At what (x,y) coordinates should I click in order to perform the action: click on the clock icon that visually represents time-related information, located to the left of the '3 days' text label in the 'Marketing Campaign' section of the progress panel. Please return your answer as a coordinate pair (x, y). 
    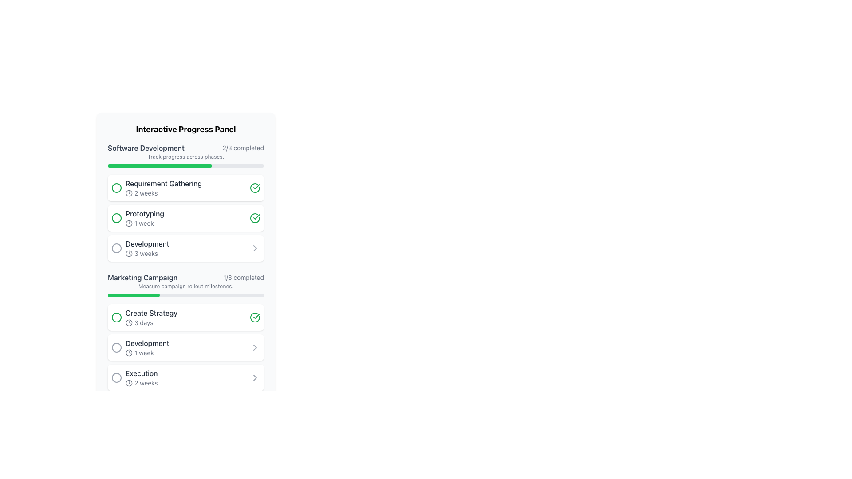
    Looking at the image, I should click on (129, 323).